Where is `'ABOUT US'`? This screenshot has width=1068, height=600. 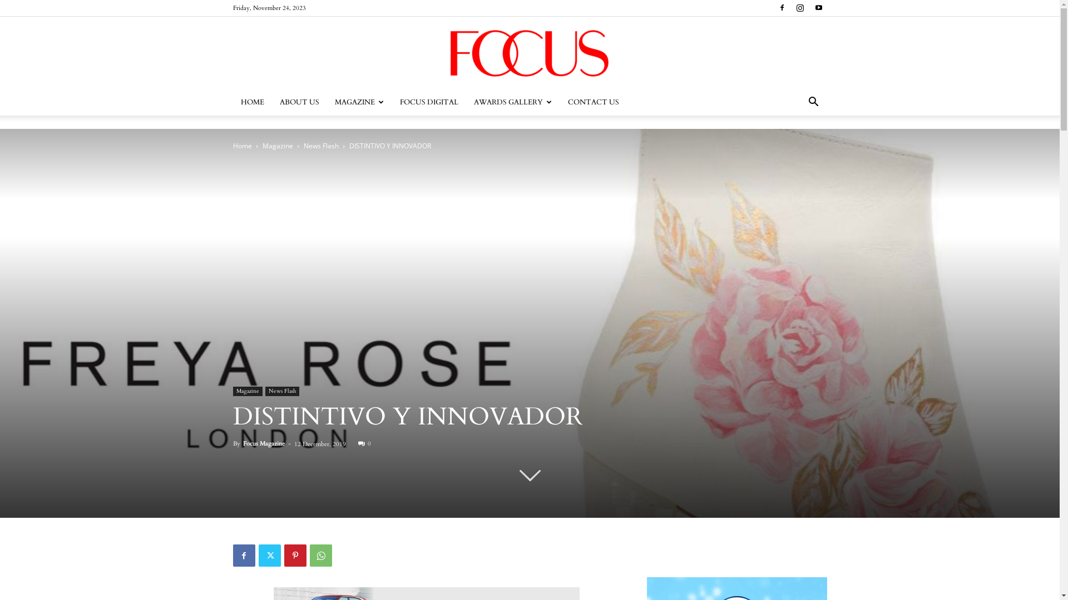
'ABOUT US' is located at coordinates (271, 102).